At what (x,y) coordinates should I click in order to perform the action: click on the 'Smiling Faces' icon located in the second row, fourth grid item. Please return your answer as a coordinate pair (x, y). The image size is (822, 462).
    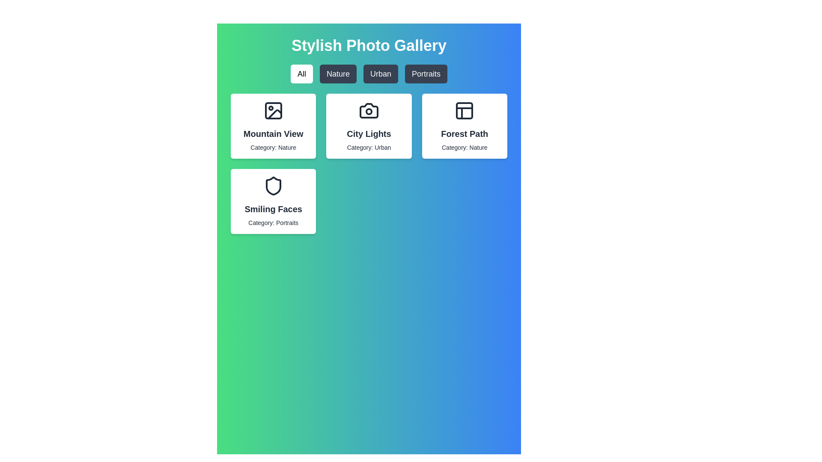
    Looking at the image, I should click on (273, 186).